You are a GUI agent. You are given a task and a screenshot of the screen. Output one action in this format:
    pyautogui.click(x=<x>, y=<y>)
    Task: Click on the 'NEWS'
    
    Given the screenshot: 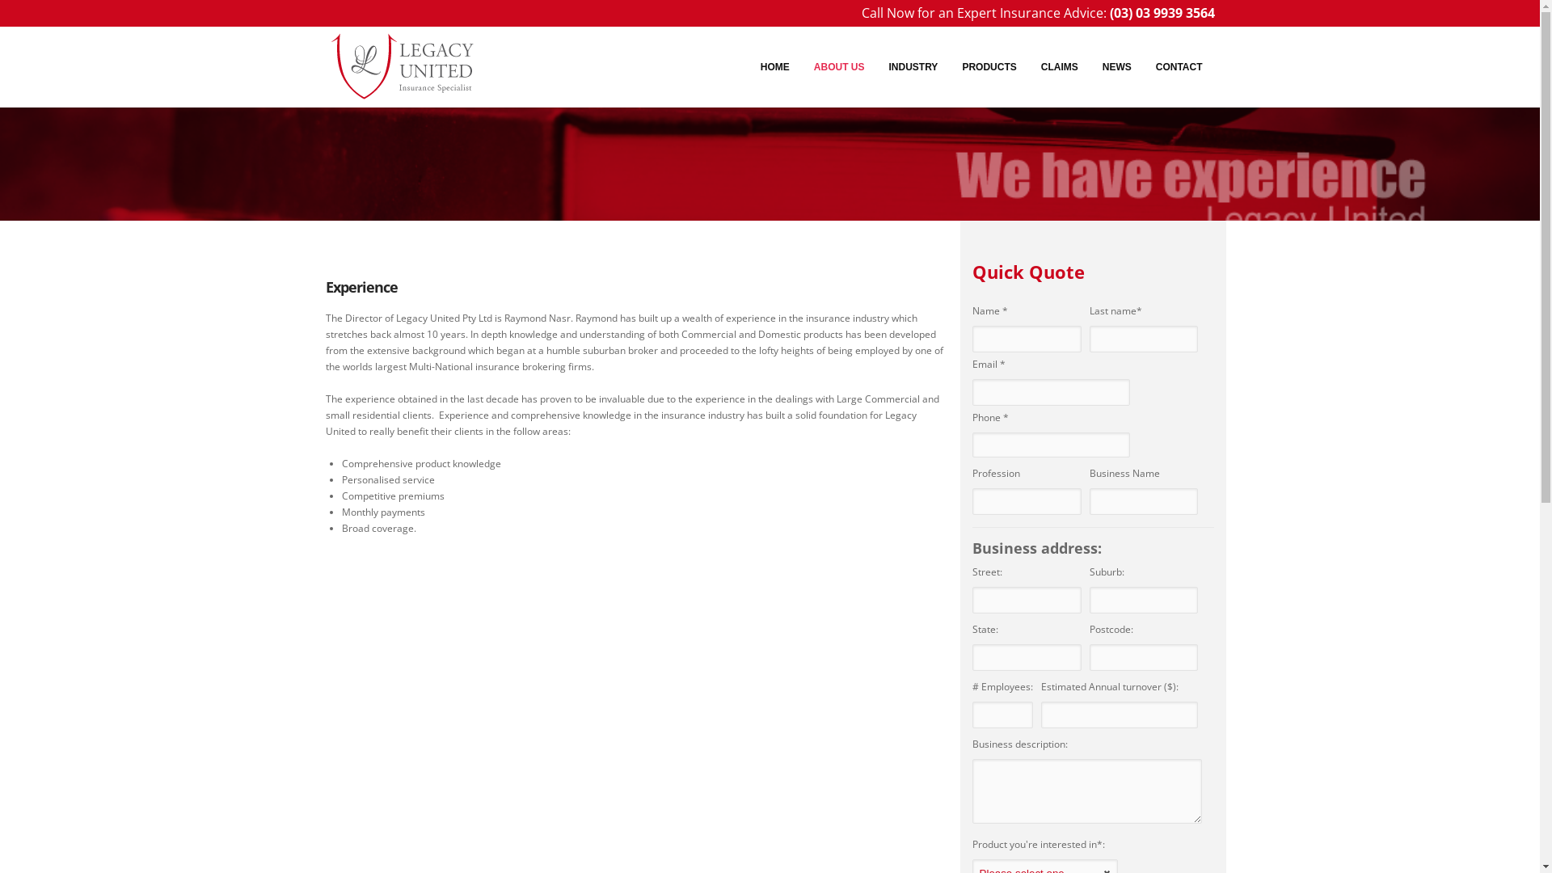 What is the action you would take?
    pyautogui.click(x=1116, y=66)
    